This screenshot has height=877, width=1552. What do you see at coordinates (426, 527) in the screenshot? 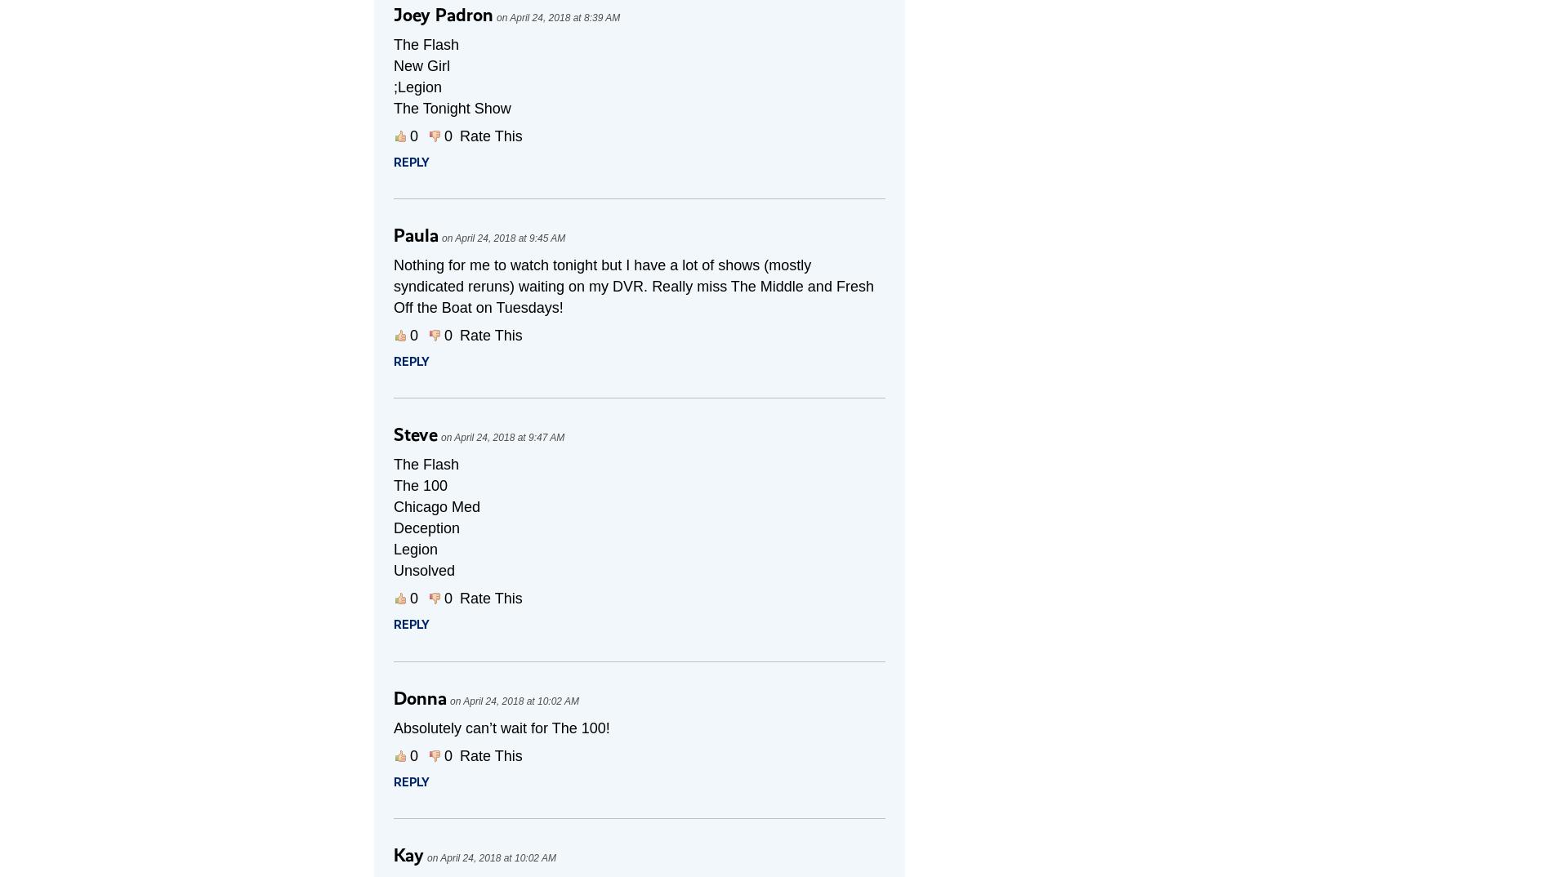
I see `'Deception'` at bounding box center [426, 527].